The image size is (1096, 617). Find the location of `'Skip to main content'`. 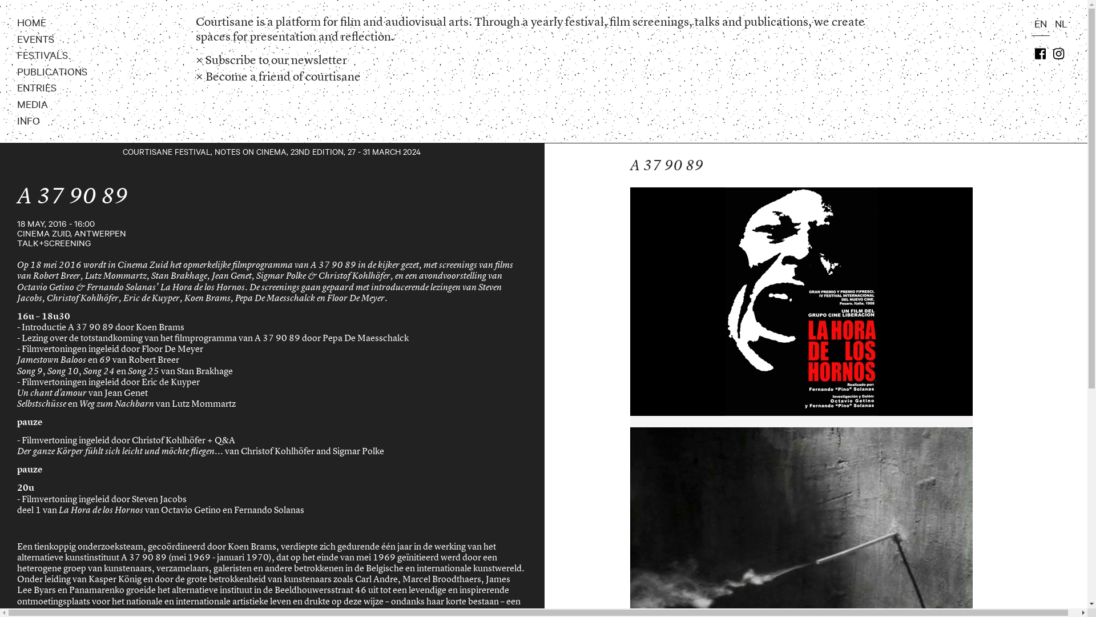

'Skip to main content' is located at coordinates (43, 0).